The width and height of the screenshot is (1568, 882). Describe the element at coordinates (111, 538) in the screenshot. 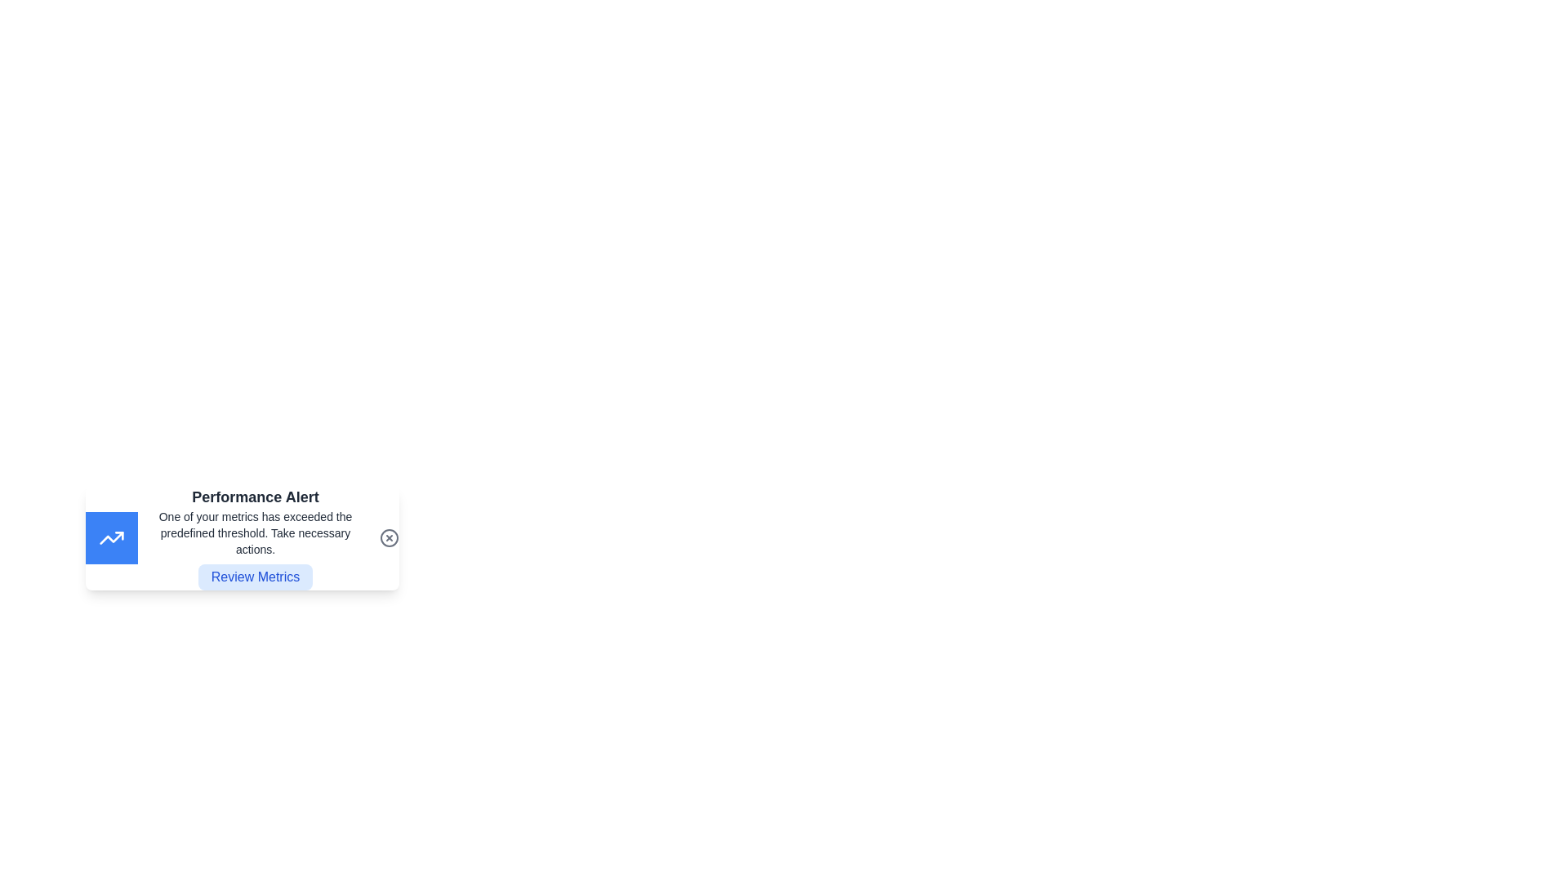

I see `the alert icon to inspect its details` at that location.